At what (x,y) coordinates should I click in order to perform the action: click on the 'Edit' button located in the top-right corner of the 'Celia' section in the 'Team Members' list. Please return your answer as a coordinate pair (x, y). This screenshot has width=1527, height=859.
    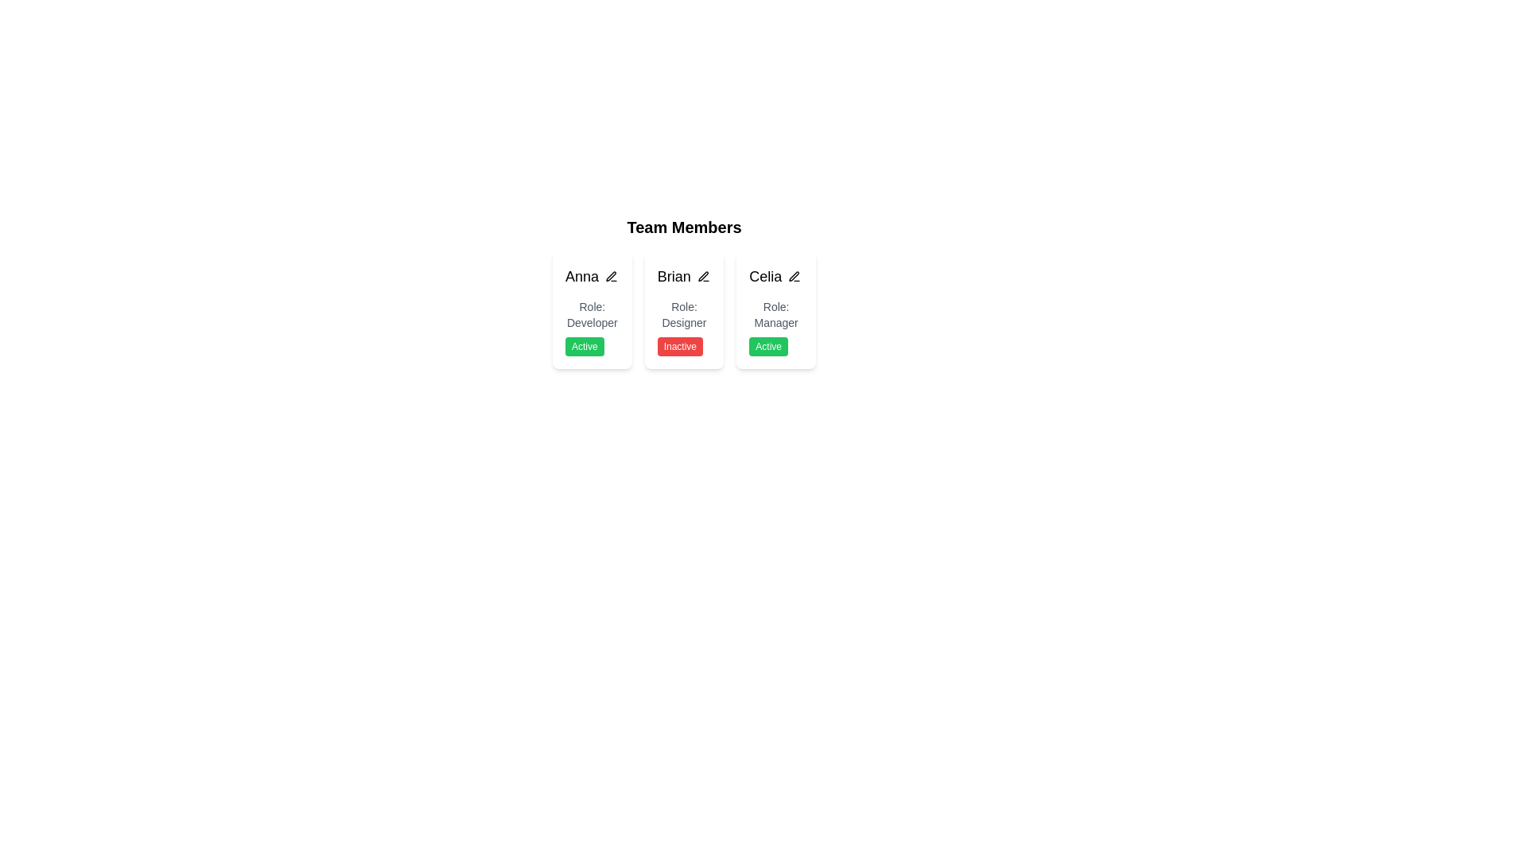
    Looking at the image, I should click on (795, 275).